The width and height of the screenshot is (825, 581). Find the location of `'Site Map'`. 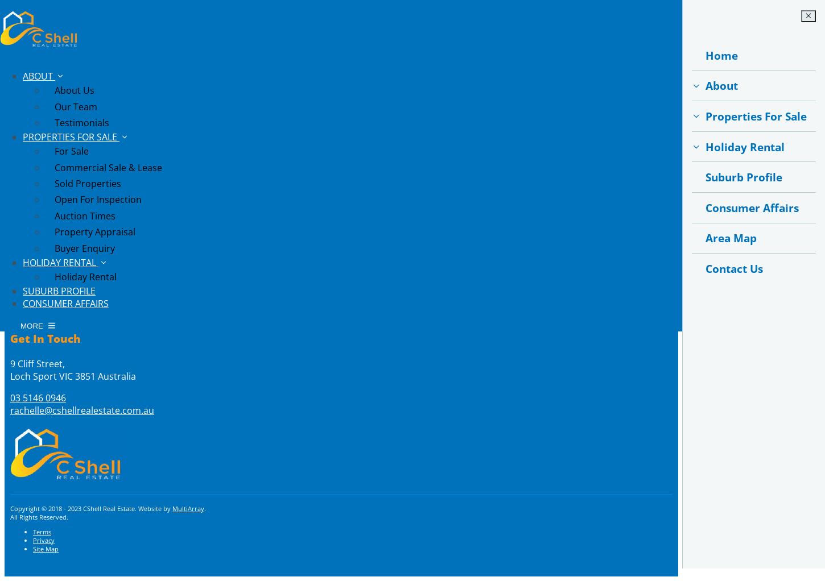

'Site Map' is located at coordinates (46, 547).